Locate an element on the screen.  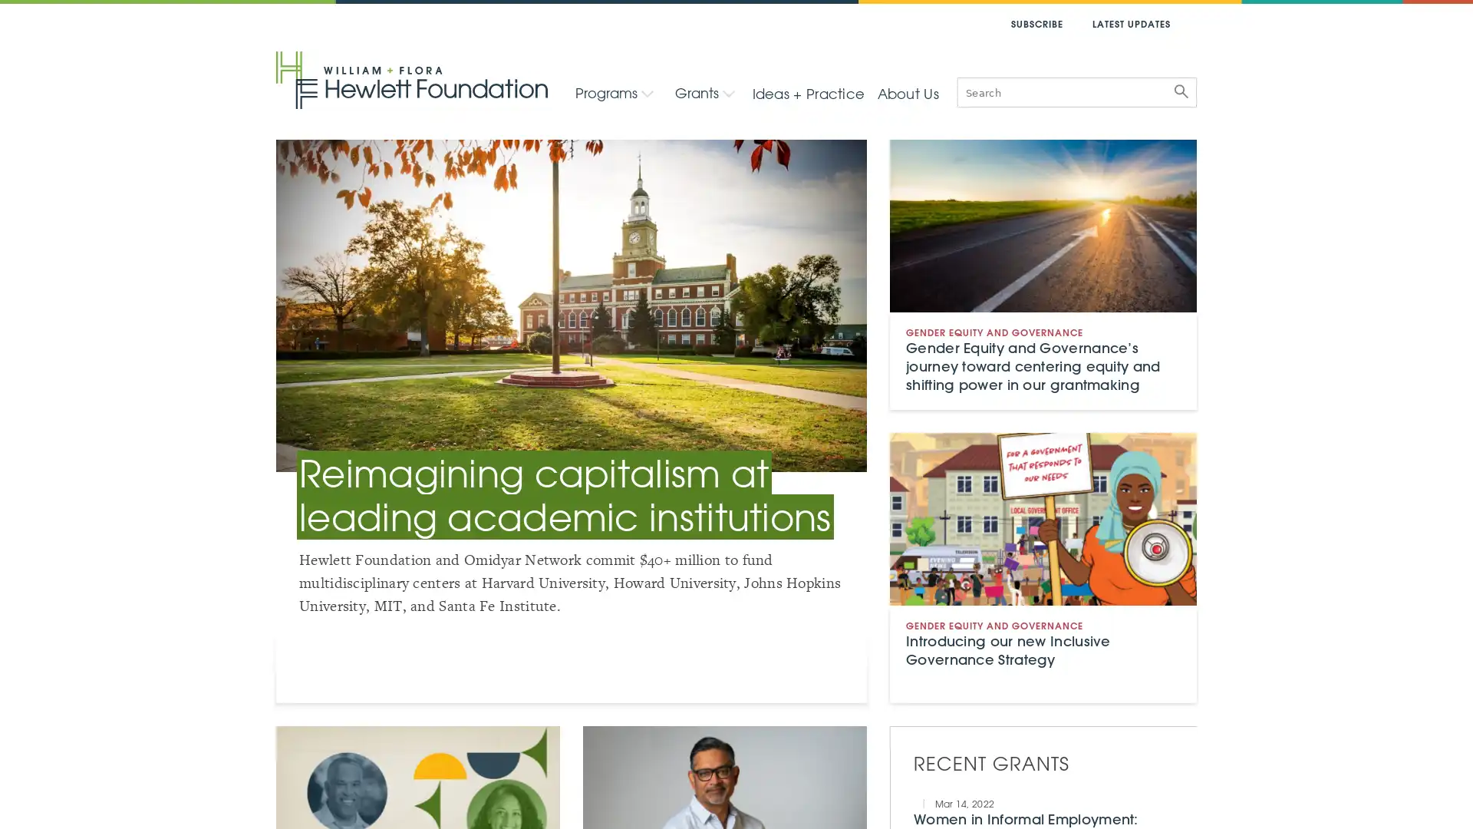
Programs is located at coordinates (615, 92).